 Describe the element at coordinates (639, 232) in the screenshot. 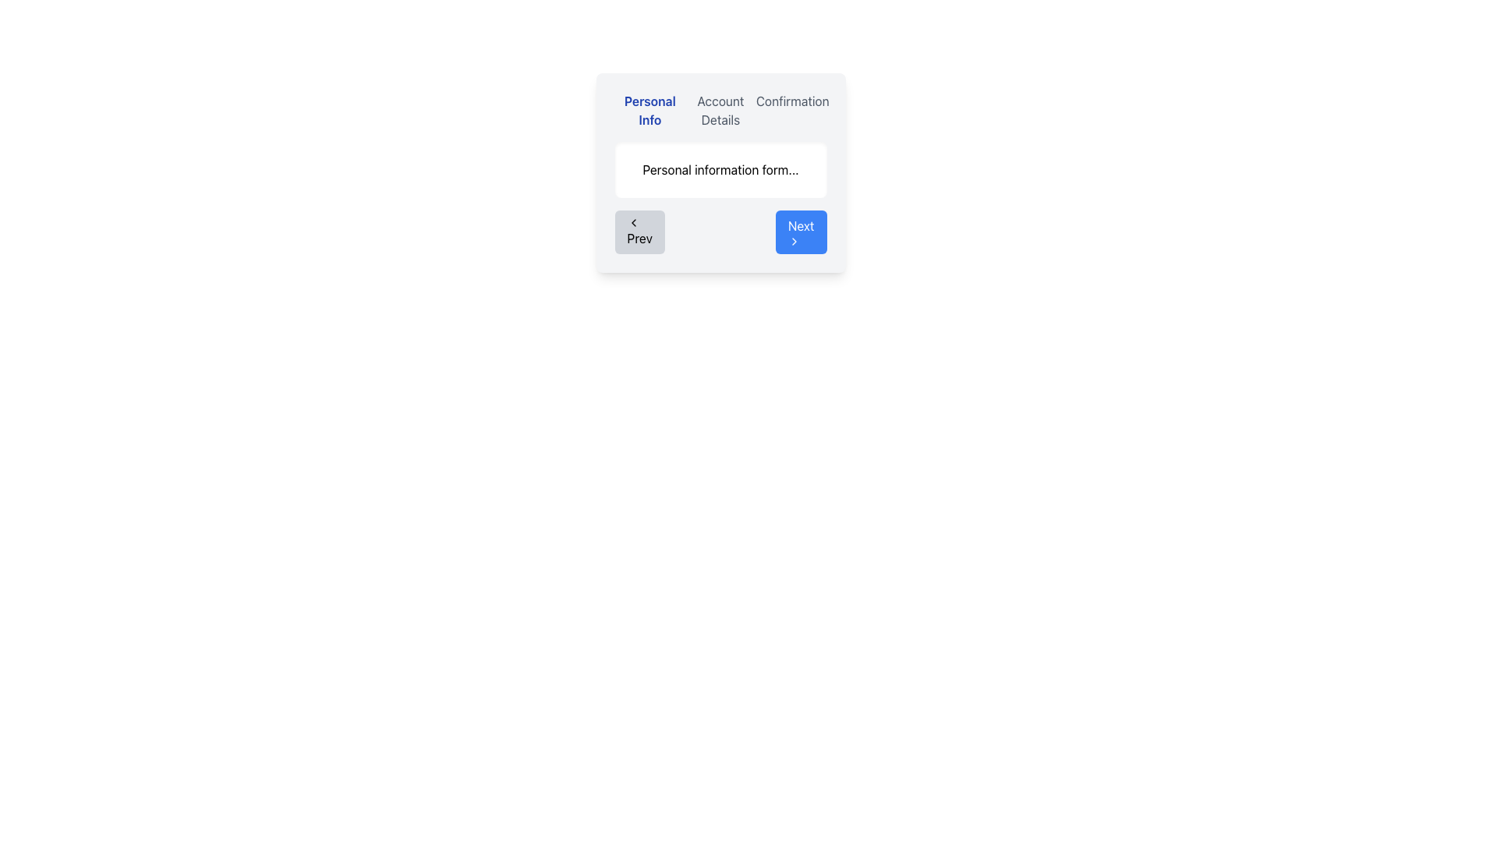

I see `the 'Prev' button, which is a rectangular button with rounded corners, gray background, and a leftward pointing chevron icon` at that location.